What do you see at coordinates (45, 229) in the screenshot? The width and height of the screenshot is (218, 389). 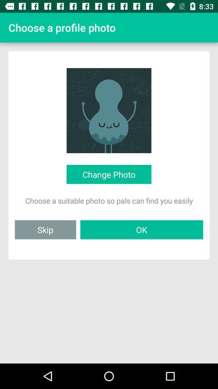 I see `skip icon` at bounding box center [45, 229].